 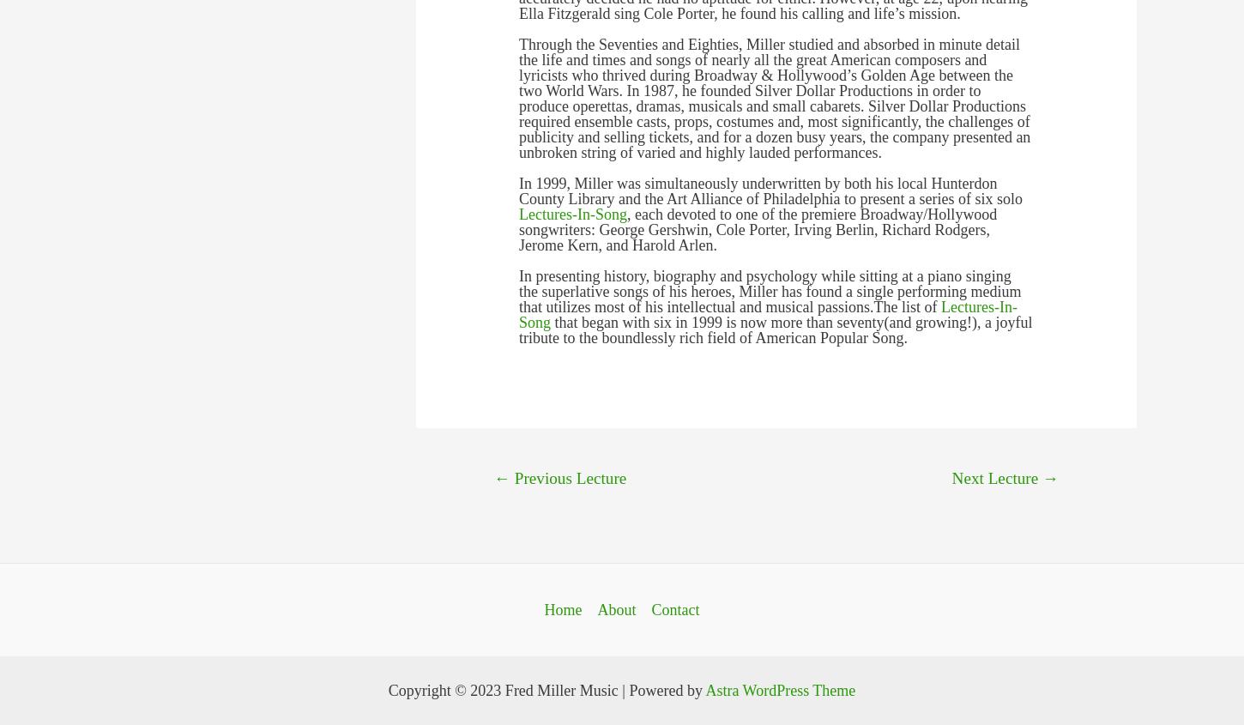 I want to click on 'Home', so click(x=561, y=608).